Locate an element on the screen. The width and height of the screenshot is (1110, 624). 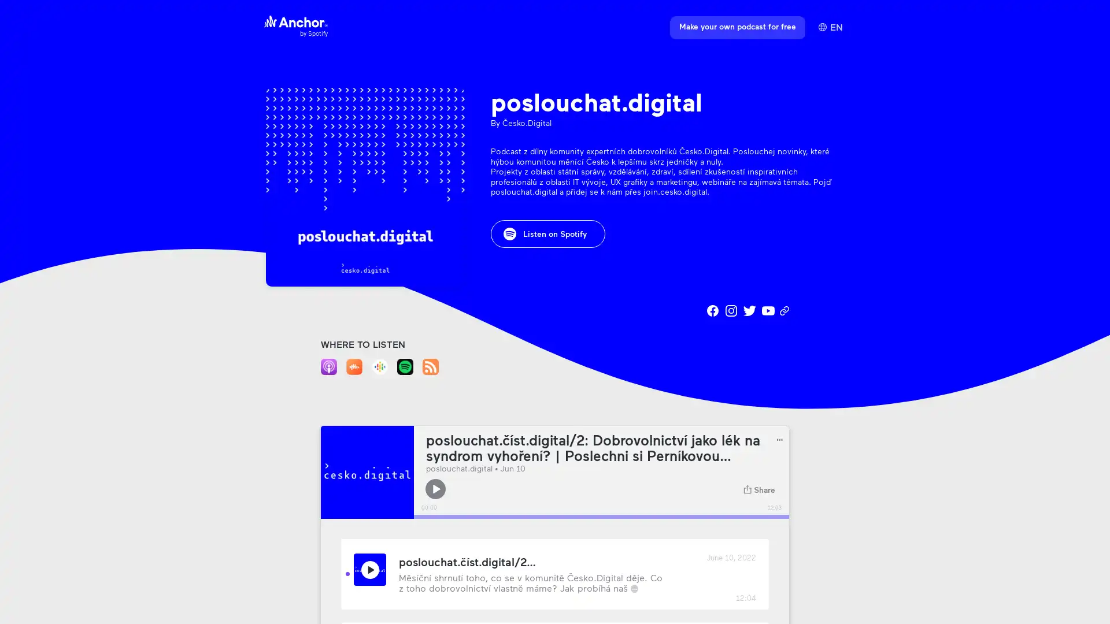
Play episode: poslouchat.cist.digital/2: Dobrovolnictvi jako lek na syndrom vyhoreni? | Poslechni si Pernikovou chaloupku v ukrajinstine | Slavime narozky! is located at coordinates (369, 569).